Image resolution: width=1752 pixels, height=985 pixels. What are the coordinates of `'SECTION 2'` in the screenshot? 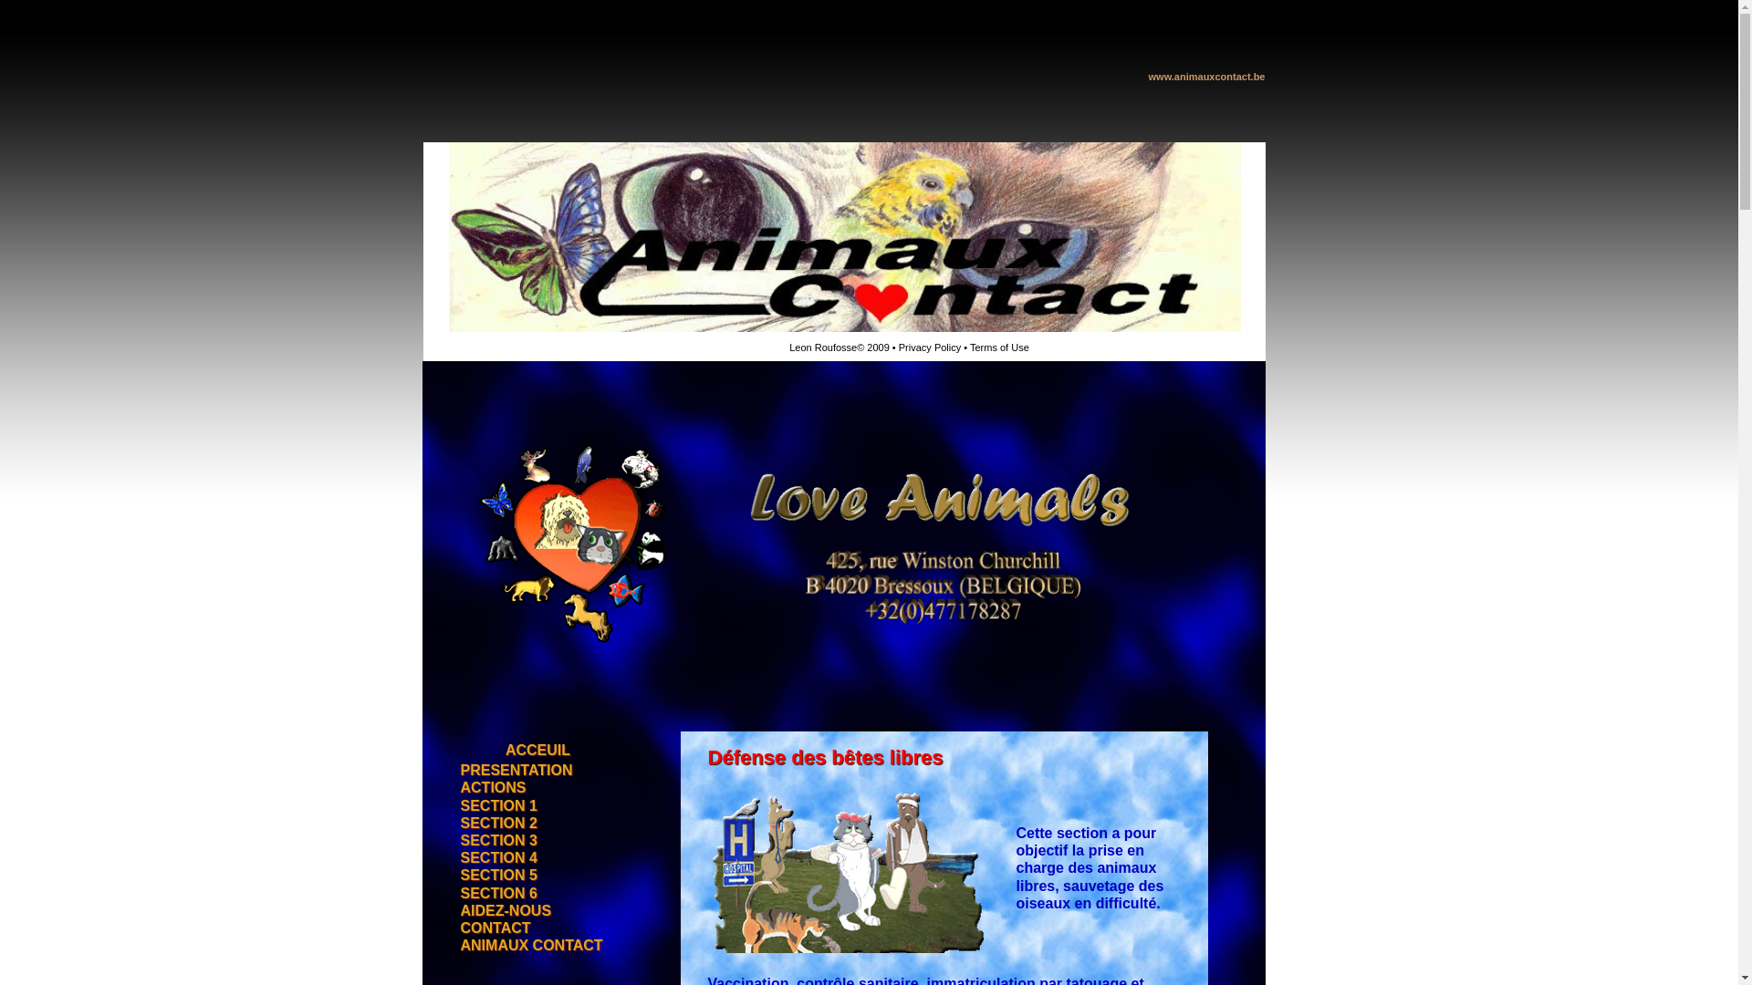 It's located at (498, 824).